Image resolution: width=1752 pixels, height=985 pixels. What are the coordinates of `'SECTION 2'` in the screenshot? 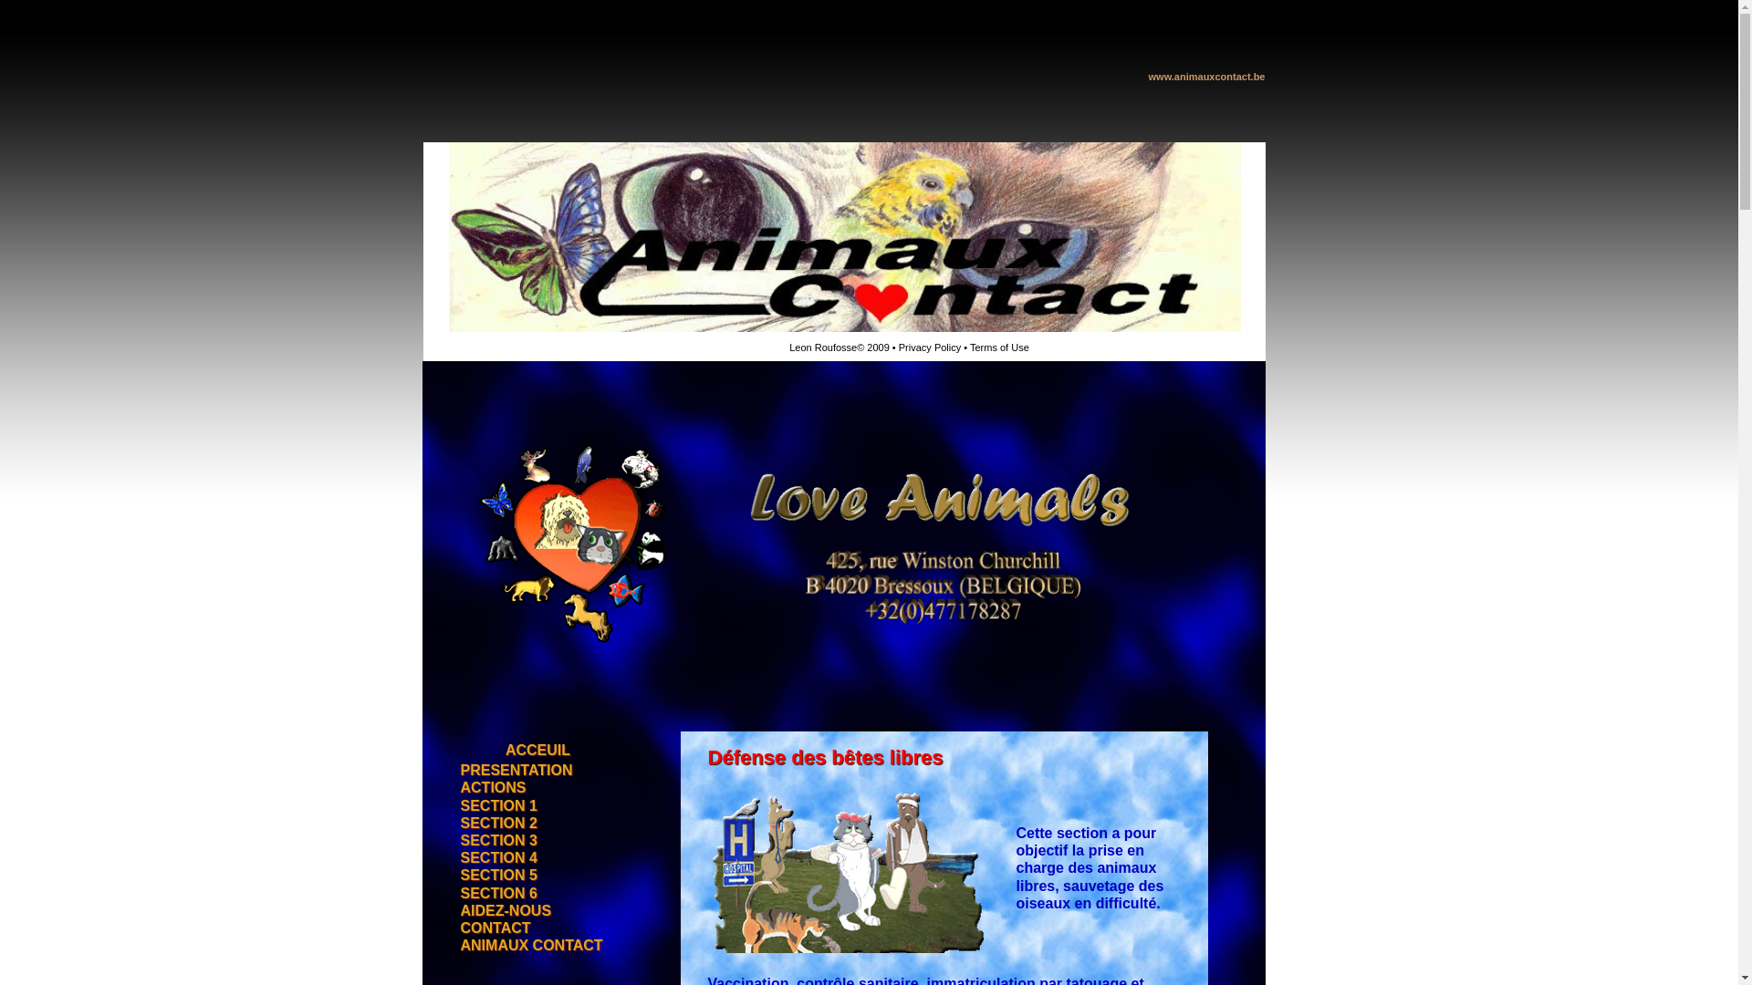 It's located at (498, 824).